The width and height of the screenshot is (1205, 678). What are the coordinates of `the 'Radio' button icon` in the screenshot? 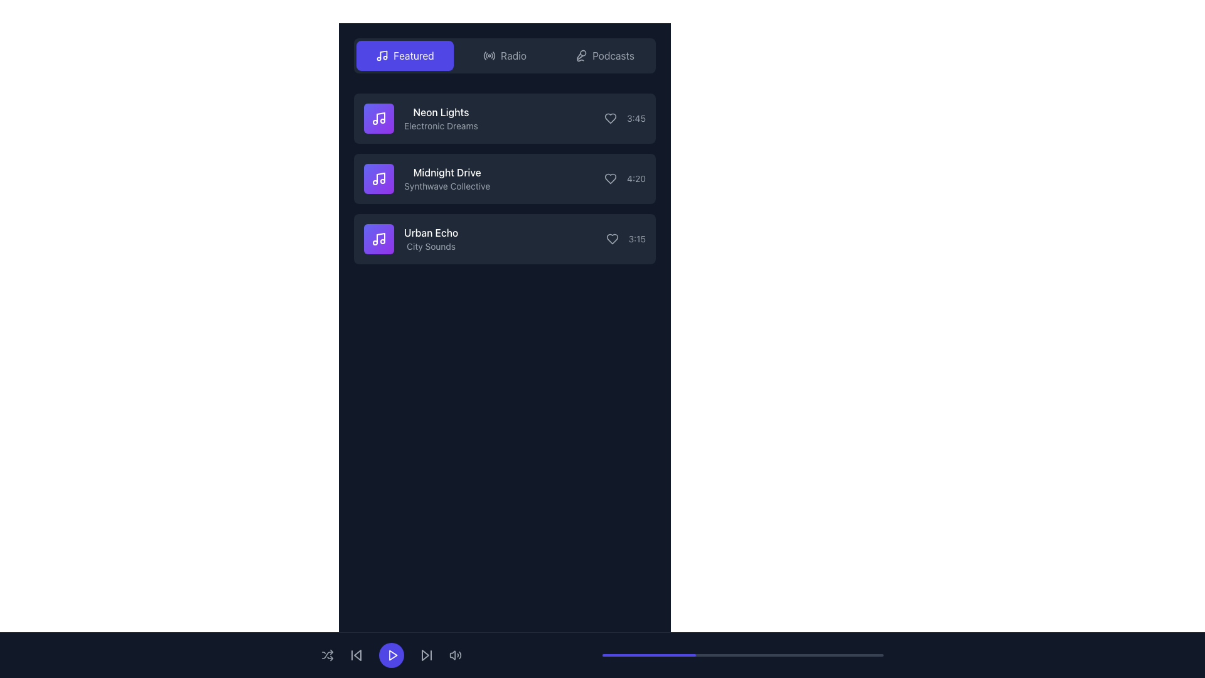 It's located at (489, 55).